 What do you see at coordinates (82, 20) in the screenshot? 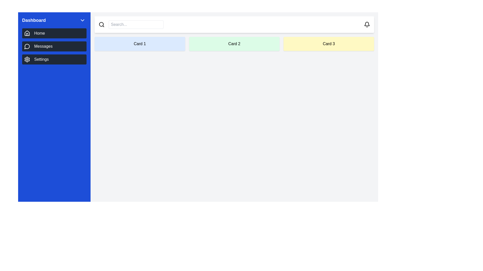
I see `the downward arrow icon located in the top-right corner of the blue side navigation bar, adjacent to the 'Dashboard' text` at bounding box center [82, 20].